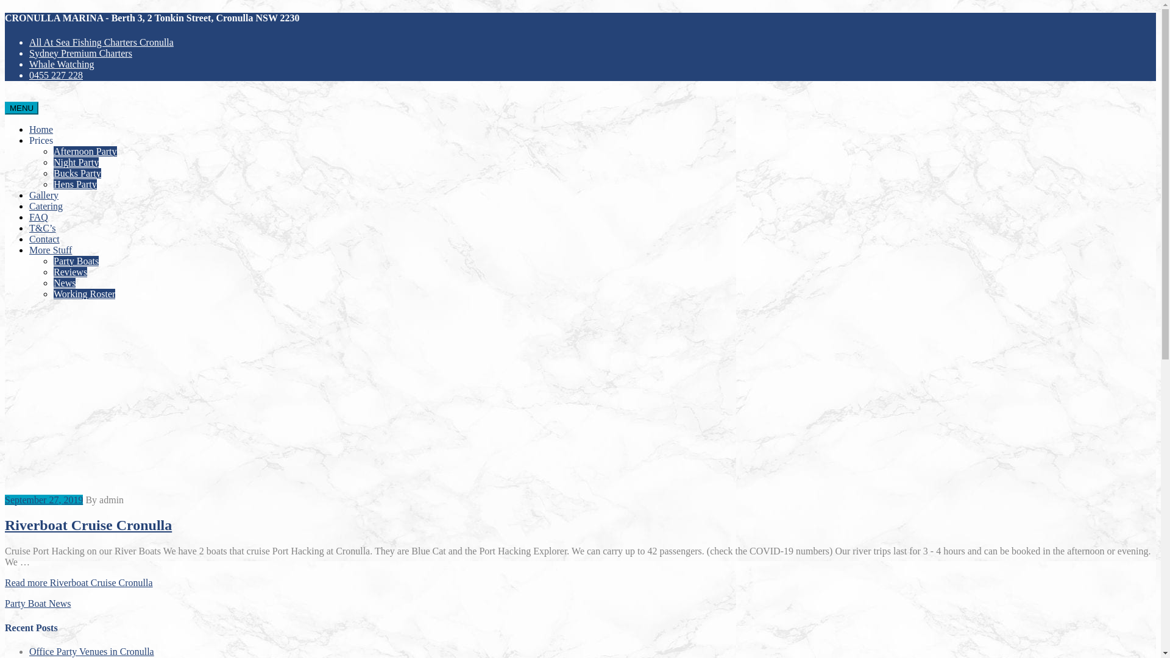 The height and width of the screenshot is (658, 1170). What do you see at coordinates (38, 603) in the screenshot?
I see `'Party Boat News'` at bounding box center [38, 603].